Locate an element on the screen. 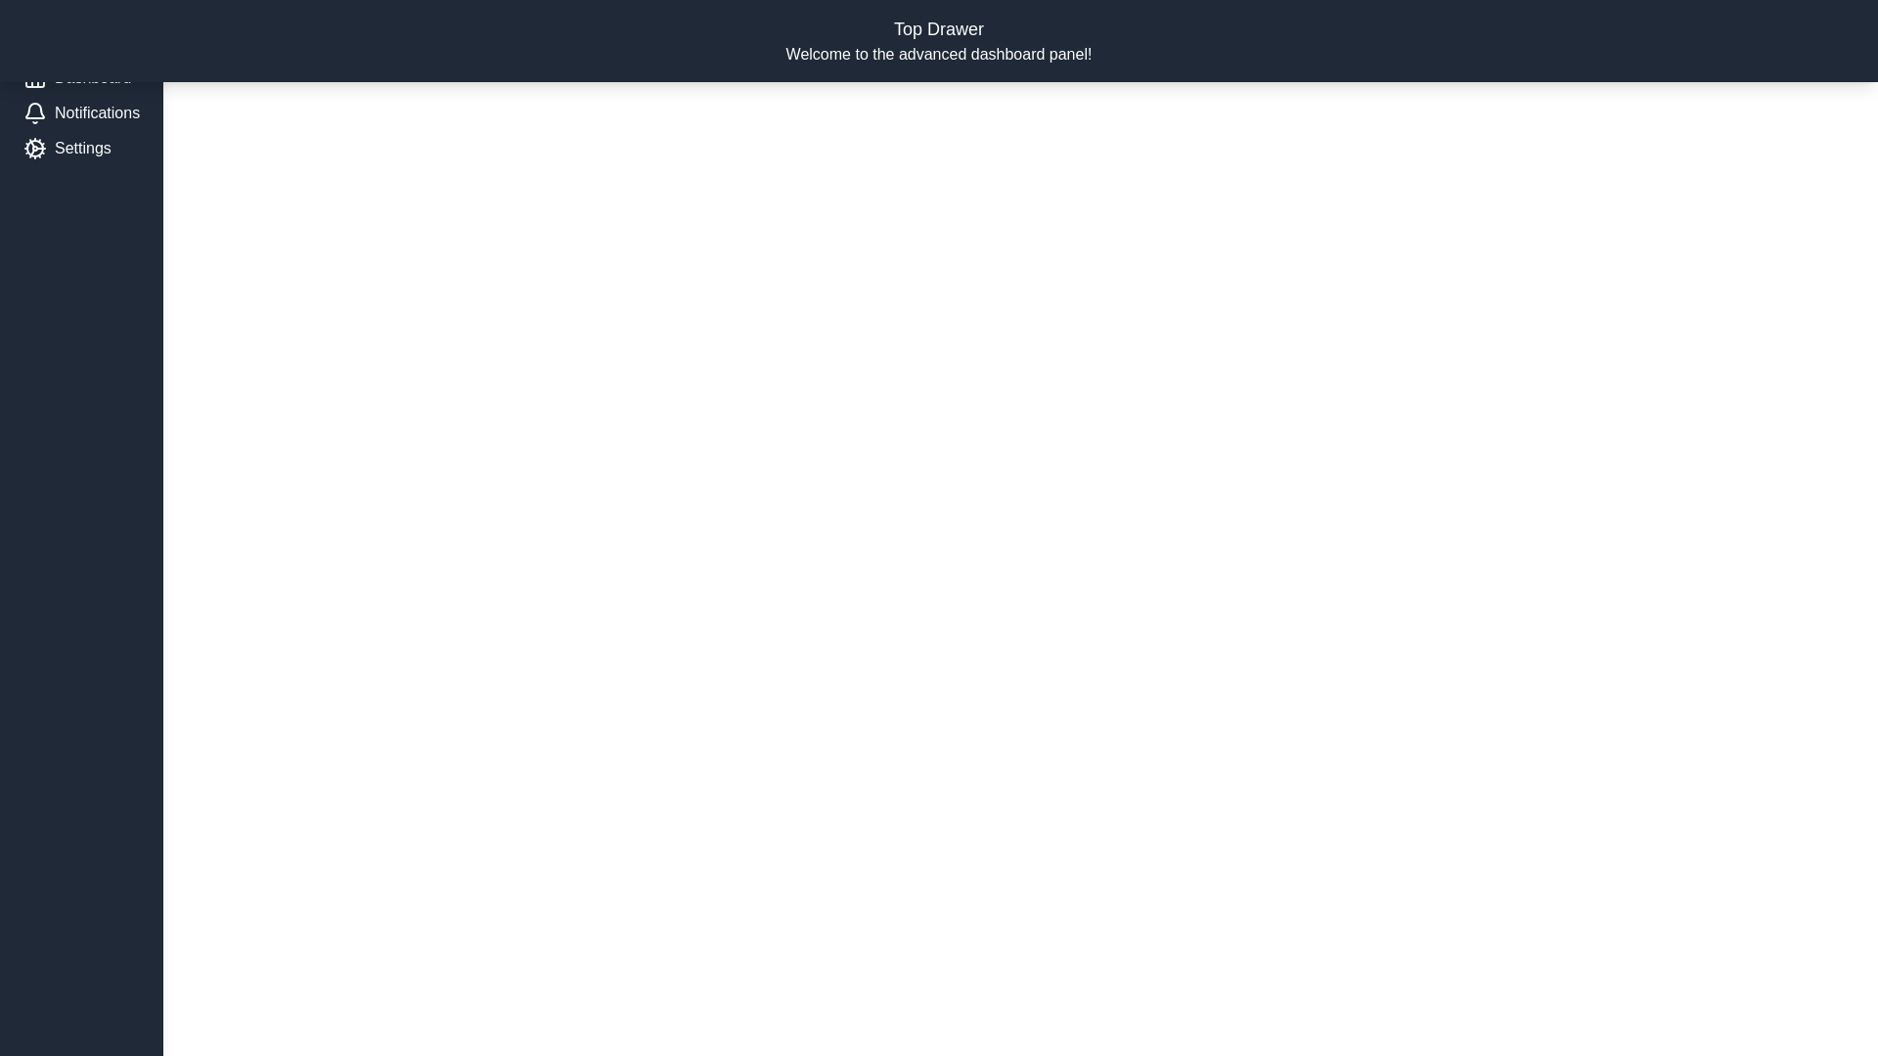 This screenshot has height=1056, width=1878. the 'Settings' menu item in the left drawer is located at coordinates (80, 147).